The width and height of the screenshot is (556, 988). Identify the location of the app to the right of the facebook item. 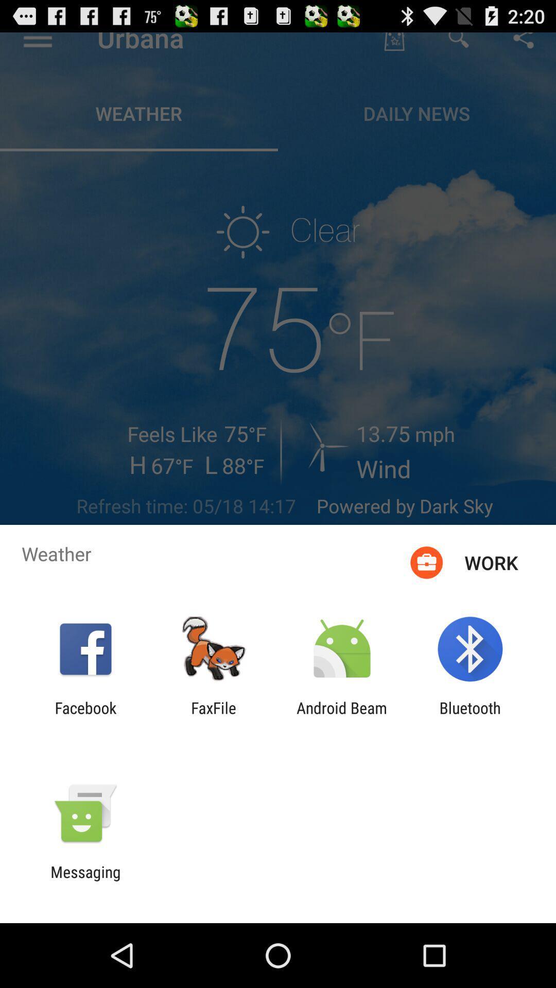
(213, 716).